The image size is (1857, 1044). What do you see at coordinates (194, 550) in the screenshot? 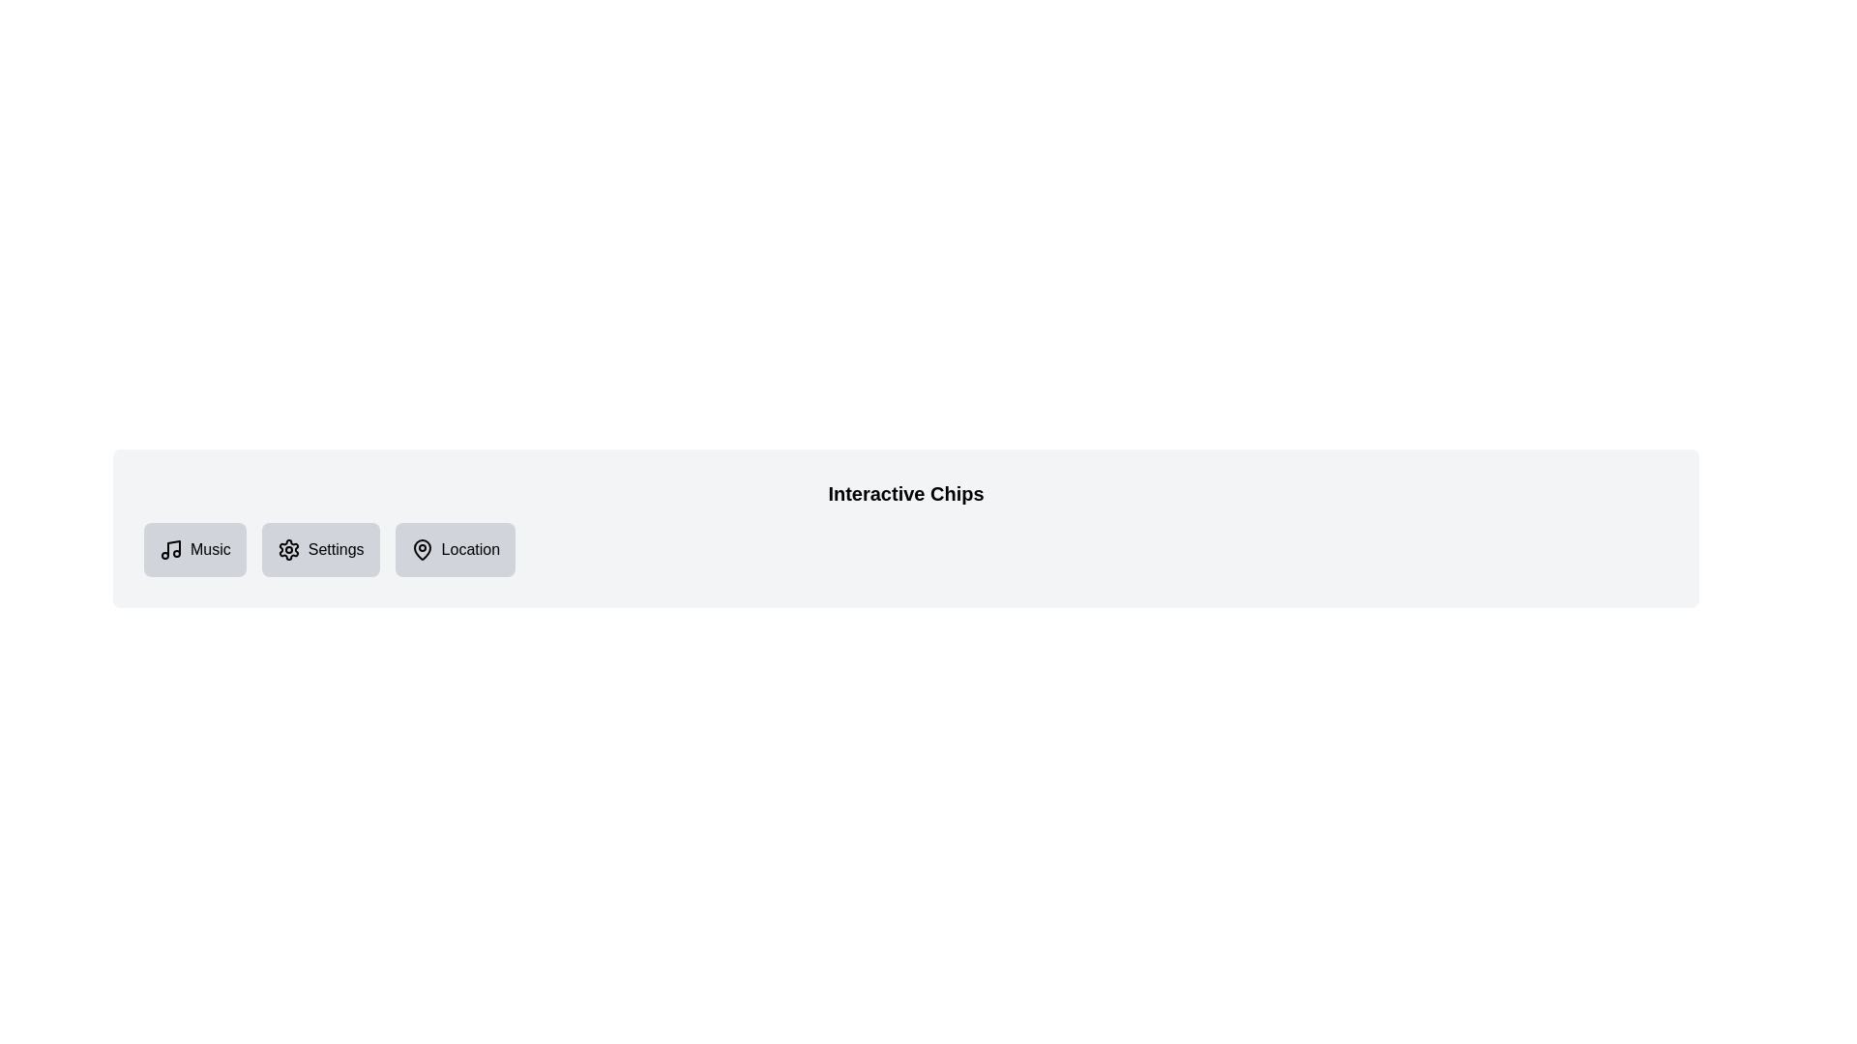
I see `the chip labeled Music to observe its hover effect` at bounding box center [194, 550].